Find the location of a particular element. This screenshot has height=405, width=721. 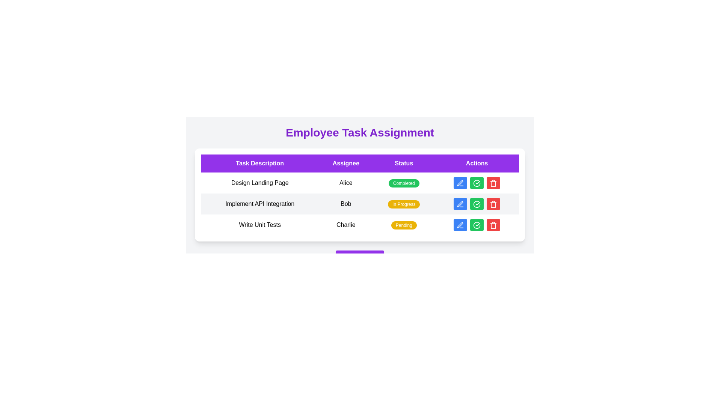

the blue button with rounded corners and a pen icon in the 'Actions' column for the task 'Design Landing Page' is located at coordinates (460, 183).